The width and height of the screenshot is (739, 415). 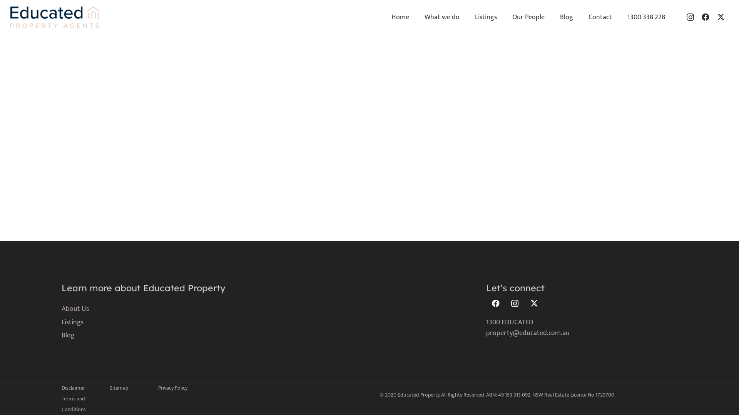 What do you see at coordinates (533, 303) in the screenshot?
I see `'Twitter'` at bounding box center [533, 303].